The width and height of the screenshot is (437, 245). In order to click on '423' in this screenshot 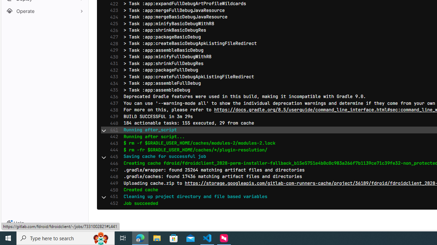, I will do `click(112, 10)`.